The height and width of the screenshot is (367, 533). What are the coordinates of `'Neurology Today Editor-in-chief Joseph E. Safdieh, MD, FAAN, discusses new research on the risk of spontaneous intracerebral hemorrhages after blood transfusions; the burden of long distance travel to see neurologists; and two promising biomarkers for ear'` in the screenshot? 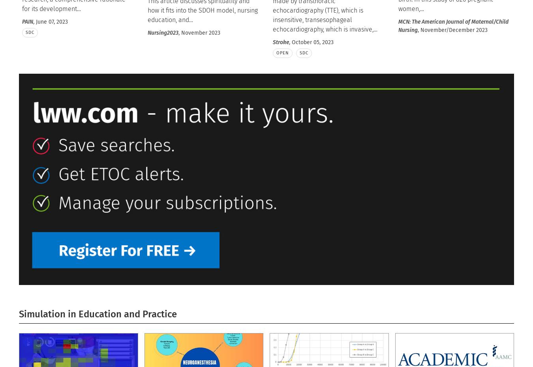 It's located at (202, 261).